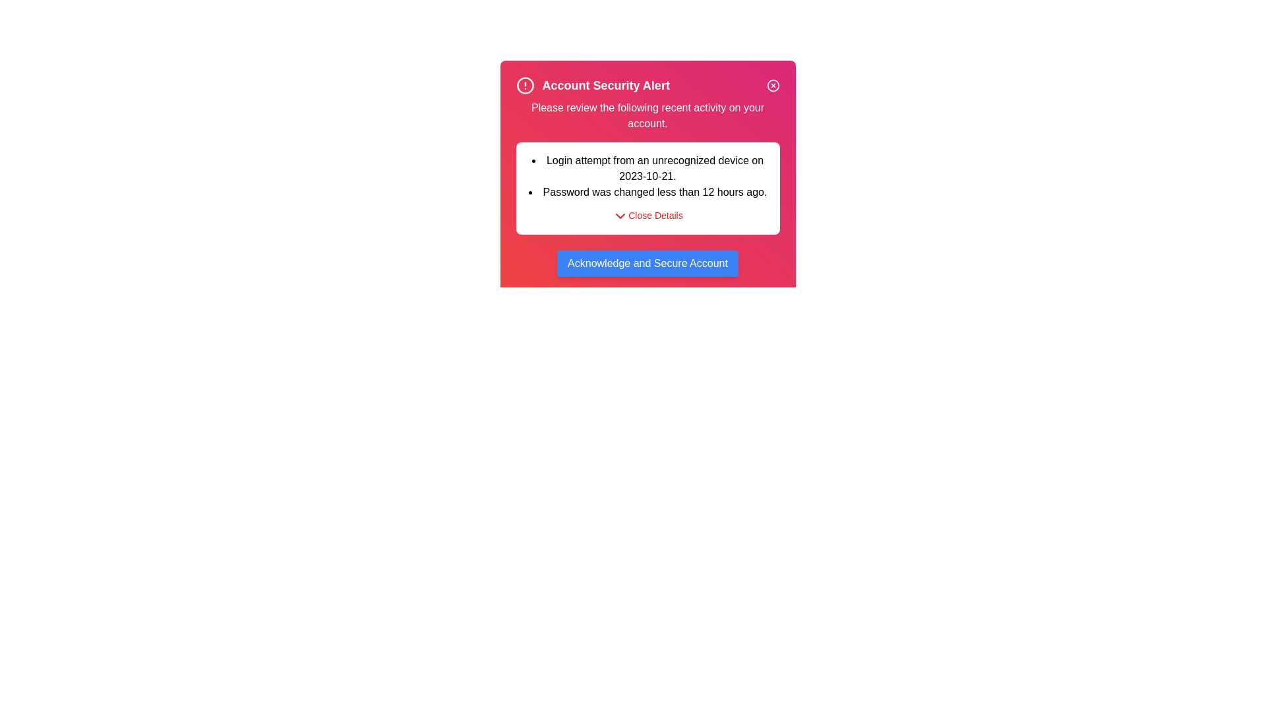  What do you see at coordinates (648, 264) in the screenshot?
I see `the rectangular blue button labeled 'Acknowledge and Secure Account' to confirm and proceed` at bounding box center [648, 264].